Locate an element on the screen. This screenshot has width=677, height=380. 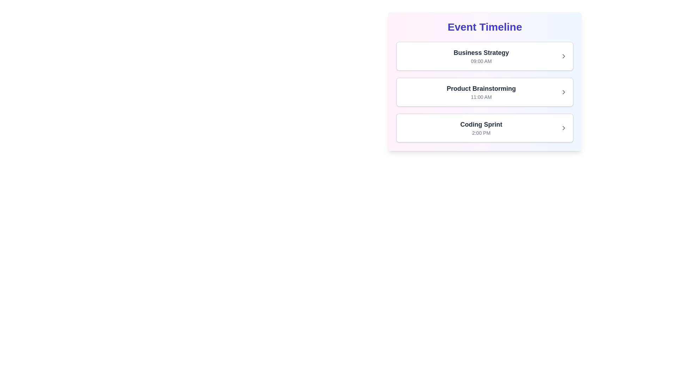
the topmost event card in the 'Event Timeline' labeled 'Business Strategy' scheduled for 09:00 AM is located at coordinates (484, 56).